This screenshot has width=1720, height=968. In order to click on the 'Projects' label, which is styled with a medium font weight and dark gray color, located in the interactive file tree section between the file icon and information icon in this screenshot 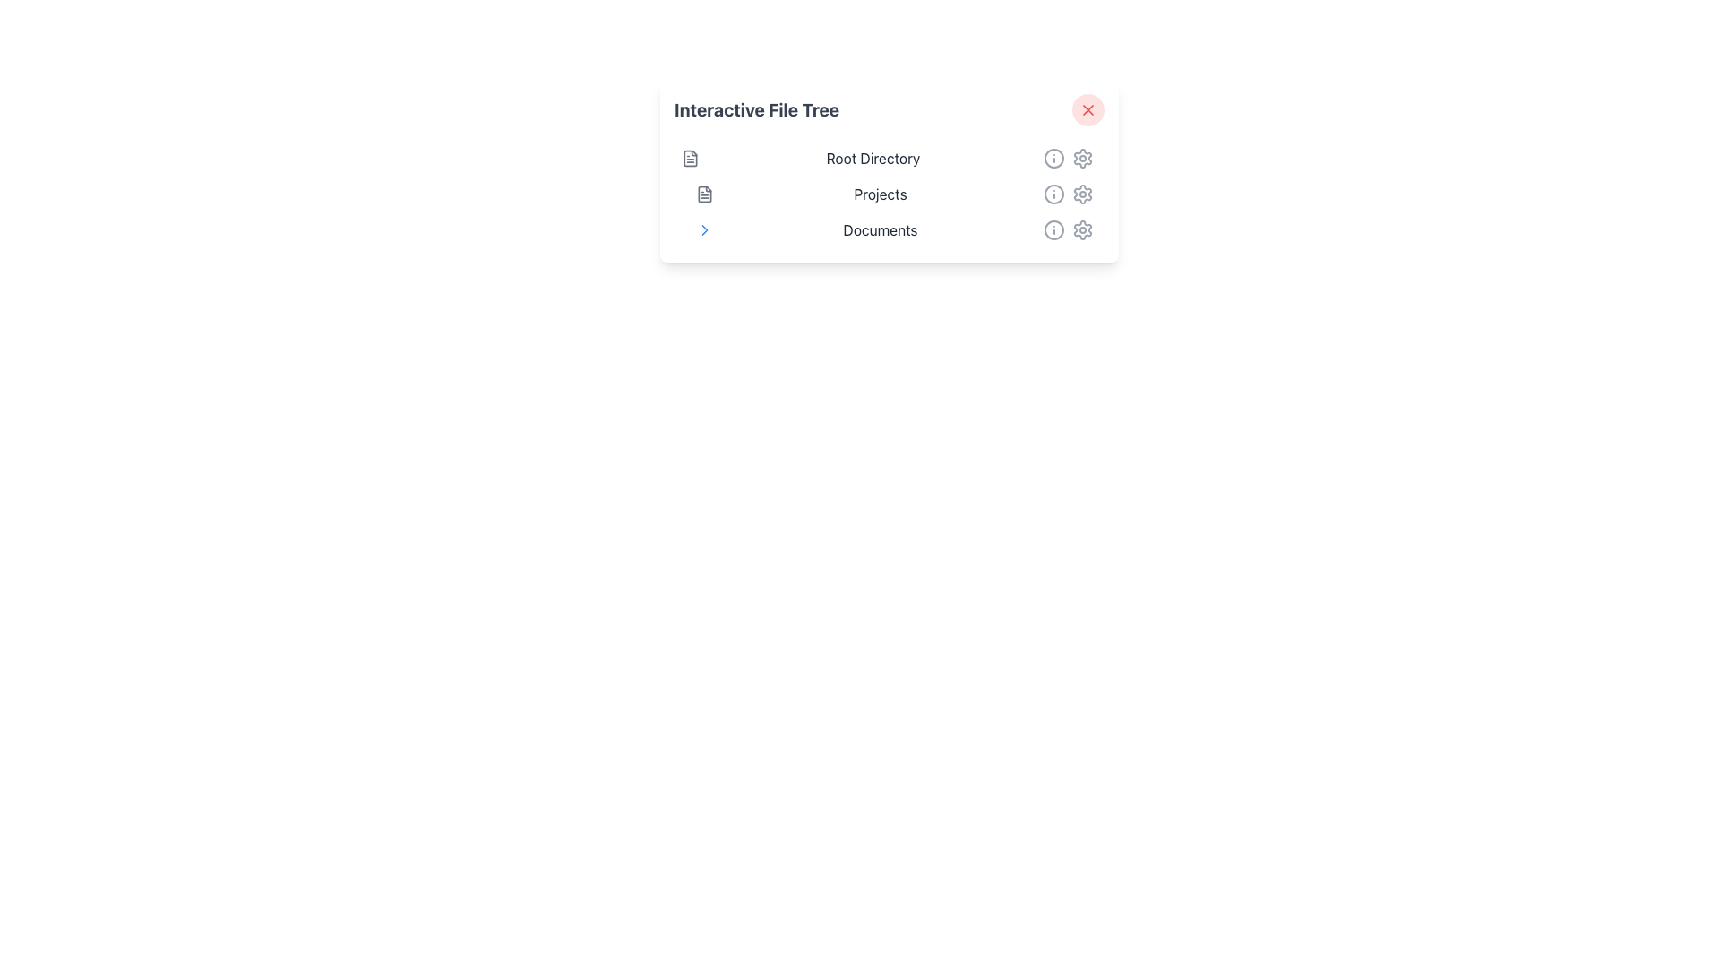, I will do `click(881, 194)`.